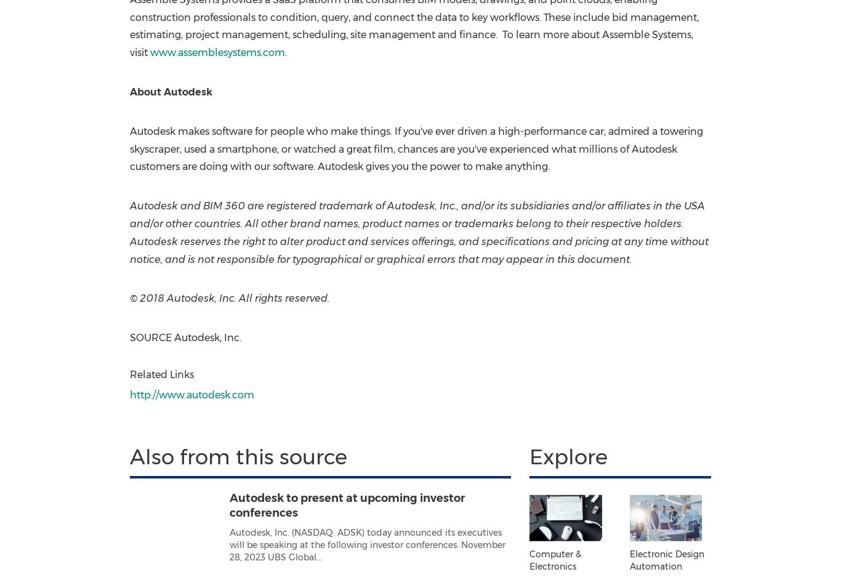 This screenshot has width=841, height=585. Describe the element at coordinates (693, 205) in the screenshot. I see `'USA'` at that location.